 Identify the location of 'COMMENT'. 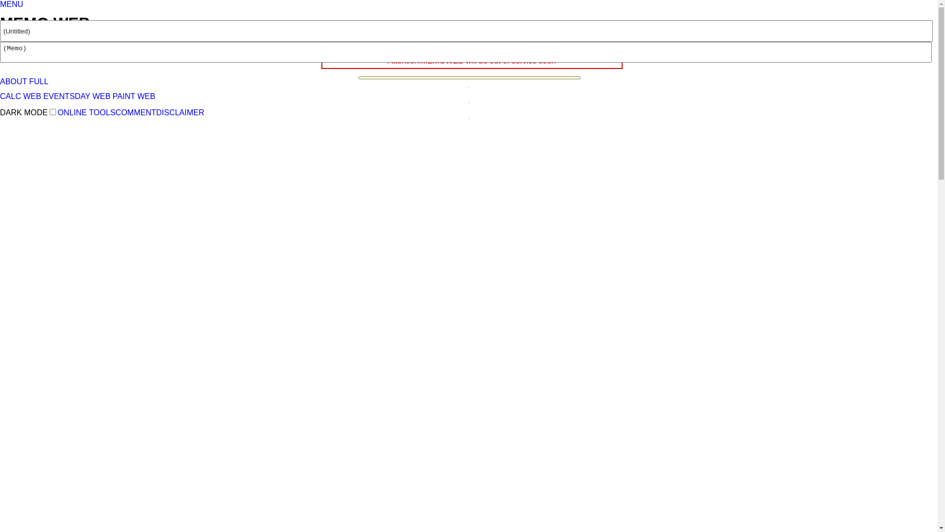
(135, 112).